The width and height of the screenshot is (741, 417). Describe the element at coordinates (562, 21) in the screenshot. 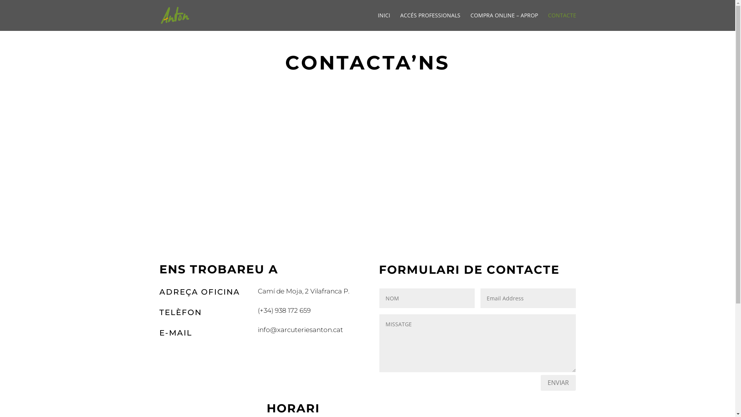

I see `'CONTACTE'` at that location.